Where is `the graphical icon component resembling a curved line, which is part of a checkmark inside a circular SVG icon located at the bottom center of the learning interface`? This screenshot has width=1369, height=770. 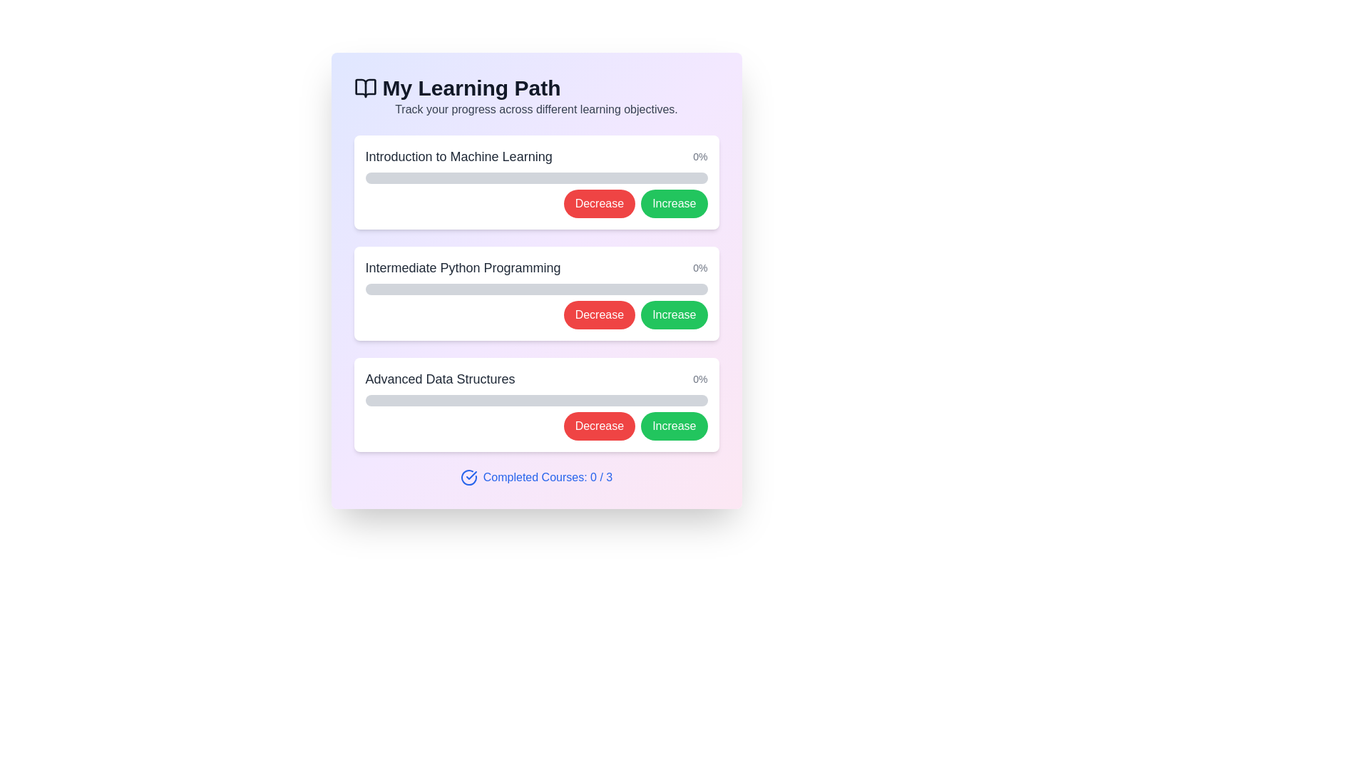 the graphical icon component resembling a curved line, which is part of a checkmark inside a circular SVG icon located at the bottom center of the learning interface is located at coordinates (468, 478).